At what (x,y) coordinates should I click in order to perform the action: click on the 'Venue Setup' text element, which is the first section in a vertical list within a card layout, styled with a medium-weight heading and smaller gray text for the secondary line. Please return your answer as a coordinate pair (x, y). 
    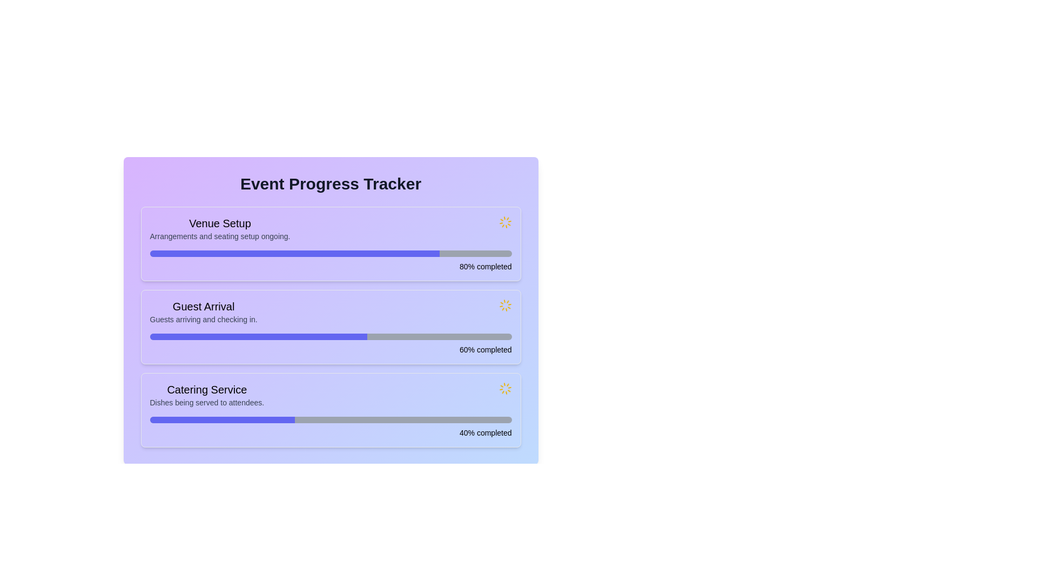
    Looking at the image, I should click on (219, 228).